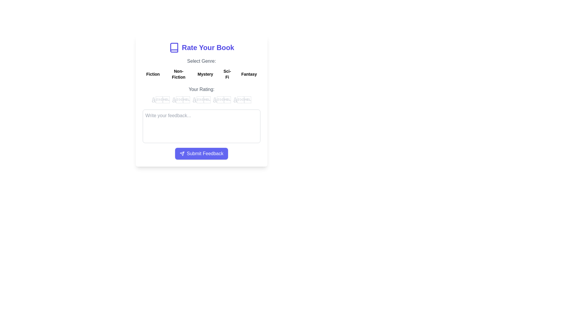  Describe the element at coordinates (202, 153) in the screenshot. I see `the 'Submit Feedback' button, which is a rectangular button with a vibrant indigo background, rounded corners, and white text, located at the bottom of the feedback panel` at that location.